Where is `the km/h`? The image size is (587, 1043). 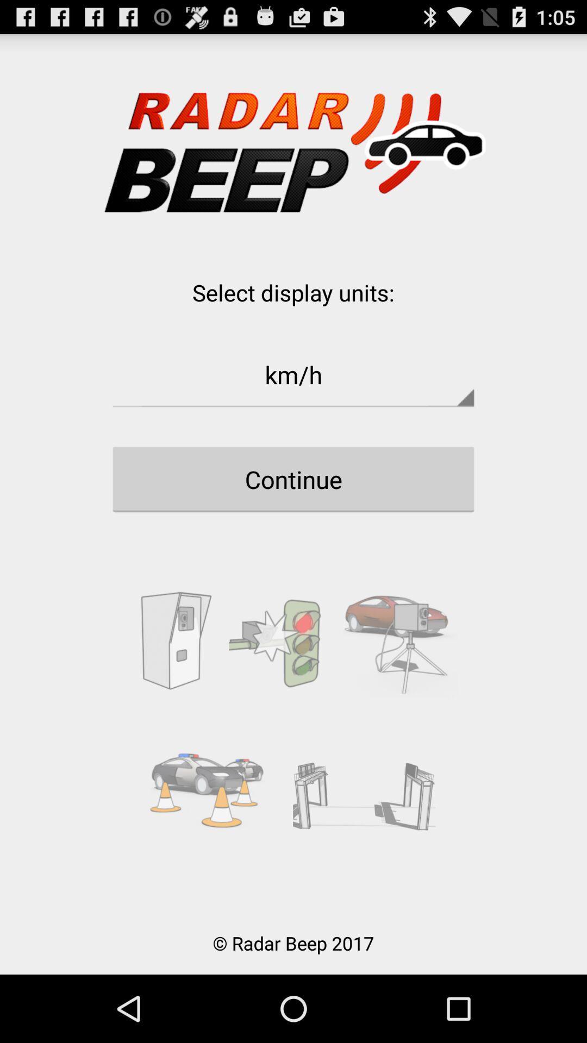
the km/h is located at coordinates (293, 374).